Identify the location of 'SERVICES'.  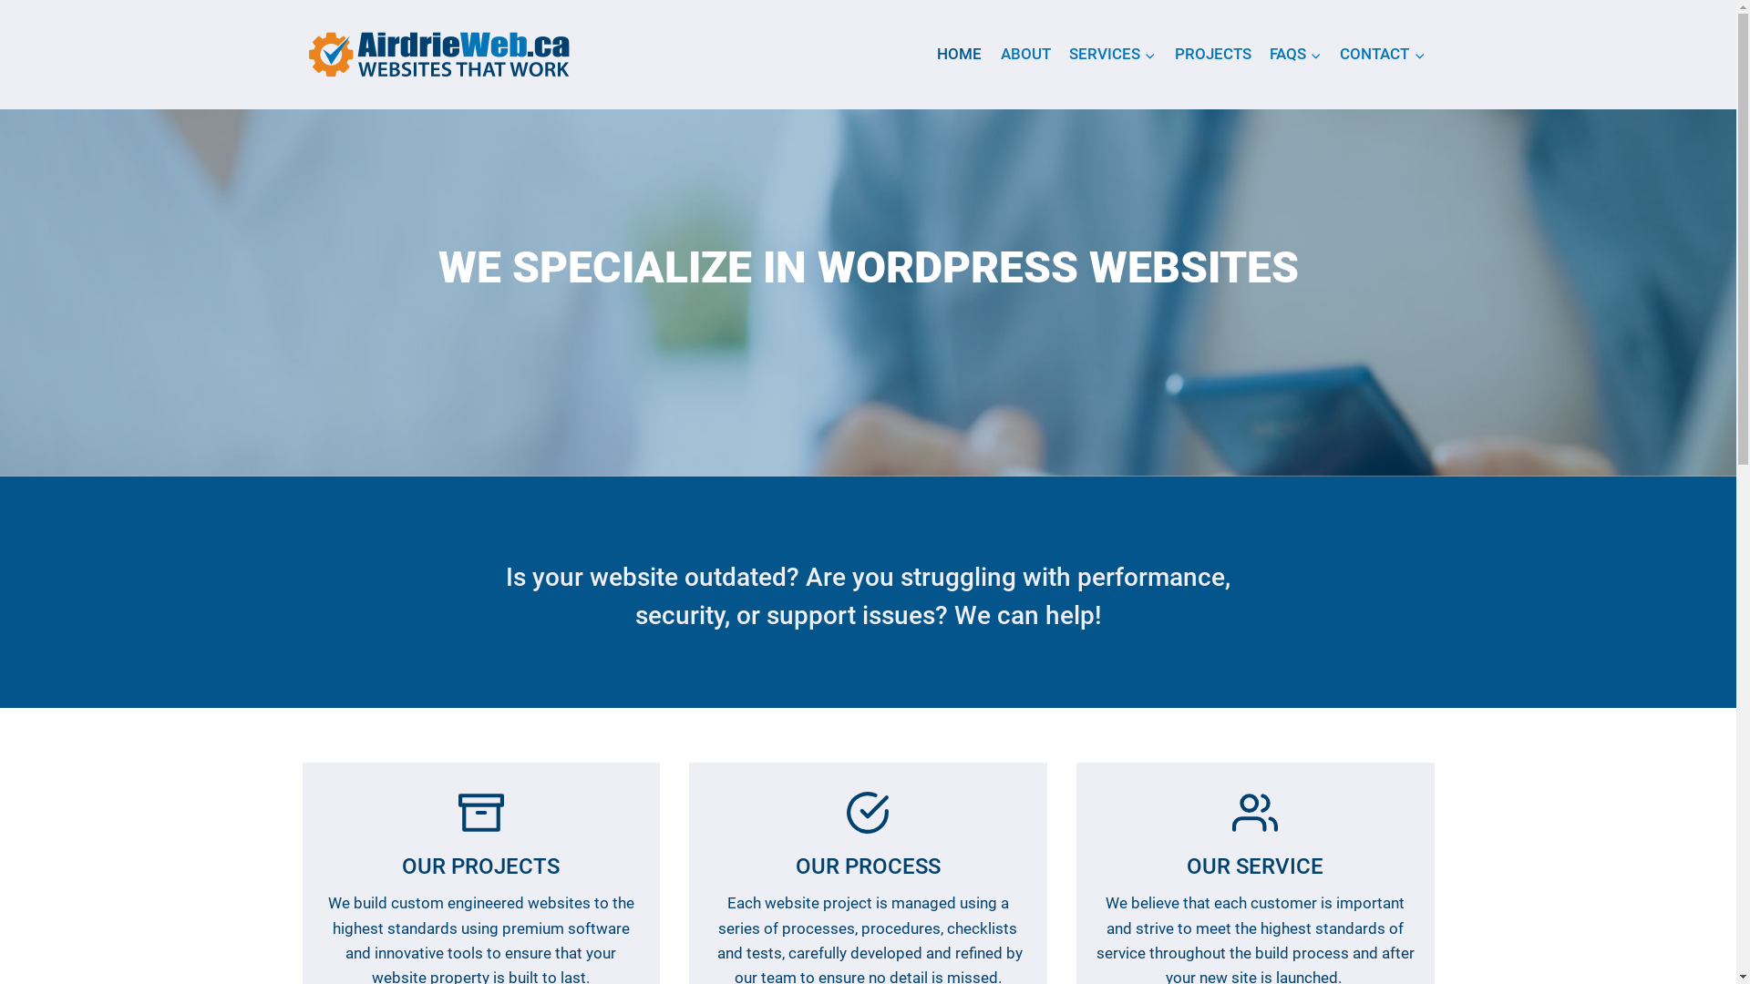
(1111, 54).